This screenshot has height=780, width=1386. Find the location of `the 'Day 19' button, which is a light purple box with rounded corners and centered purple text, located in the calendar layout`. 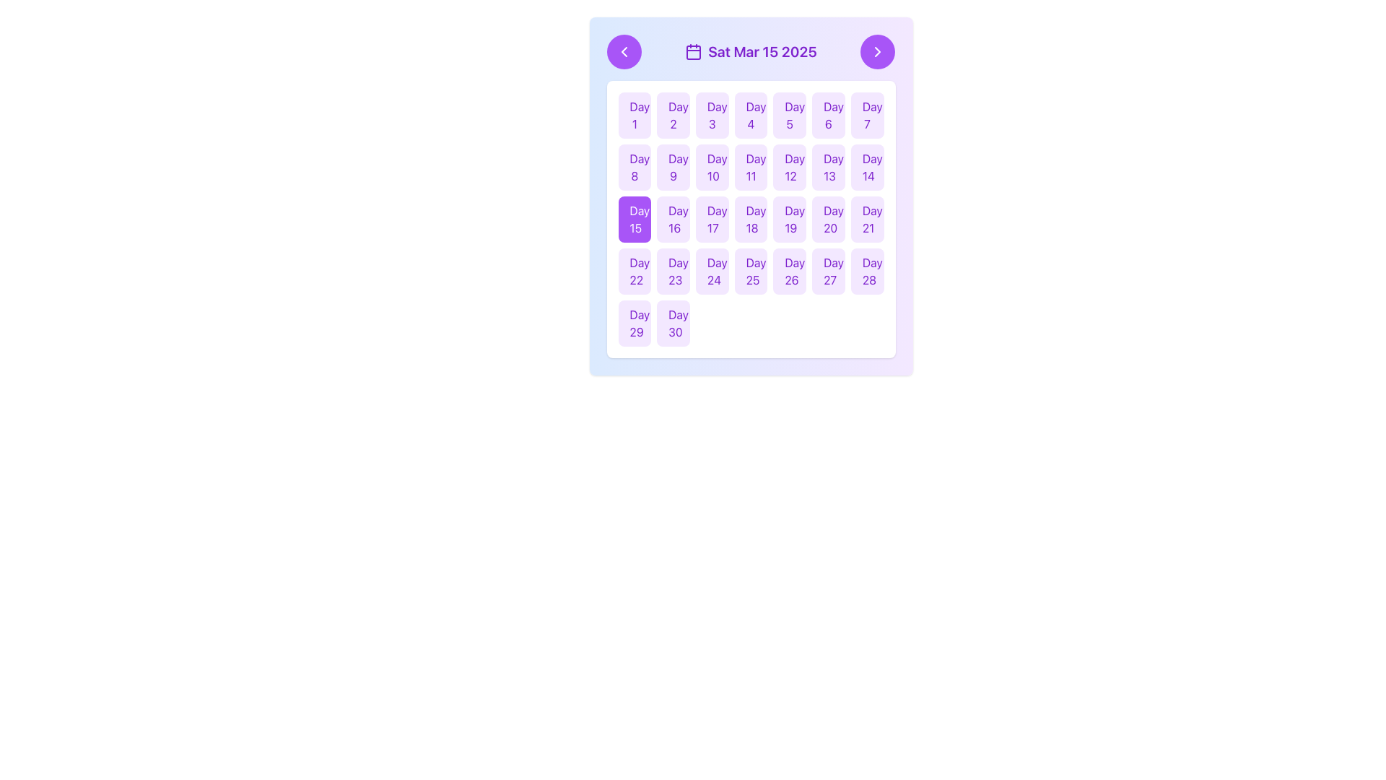

the 'Day 19' button, which is a light purple box with rounded corners and centered purple text, located in the calendar layout is located at coordinates (789, 220).